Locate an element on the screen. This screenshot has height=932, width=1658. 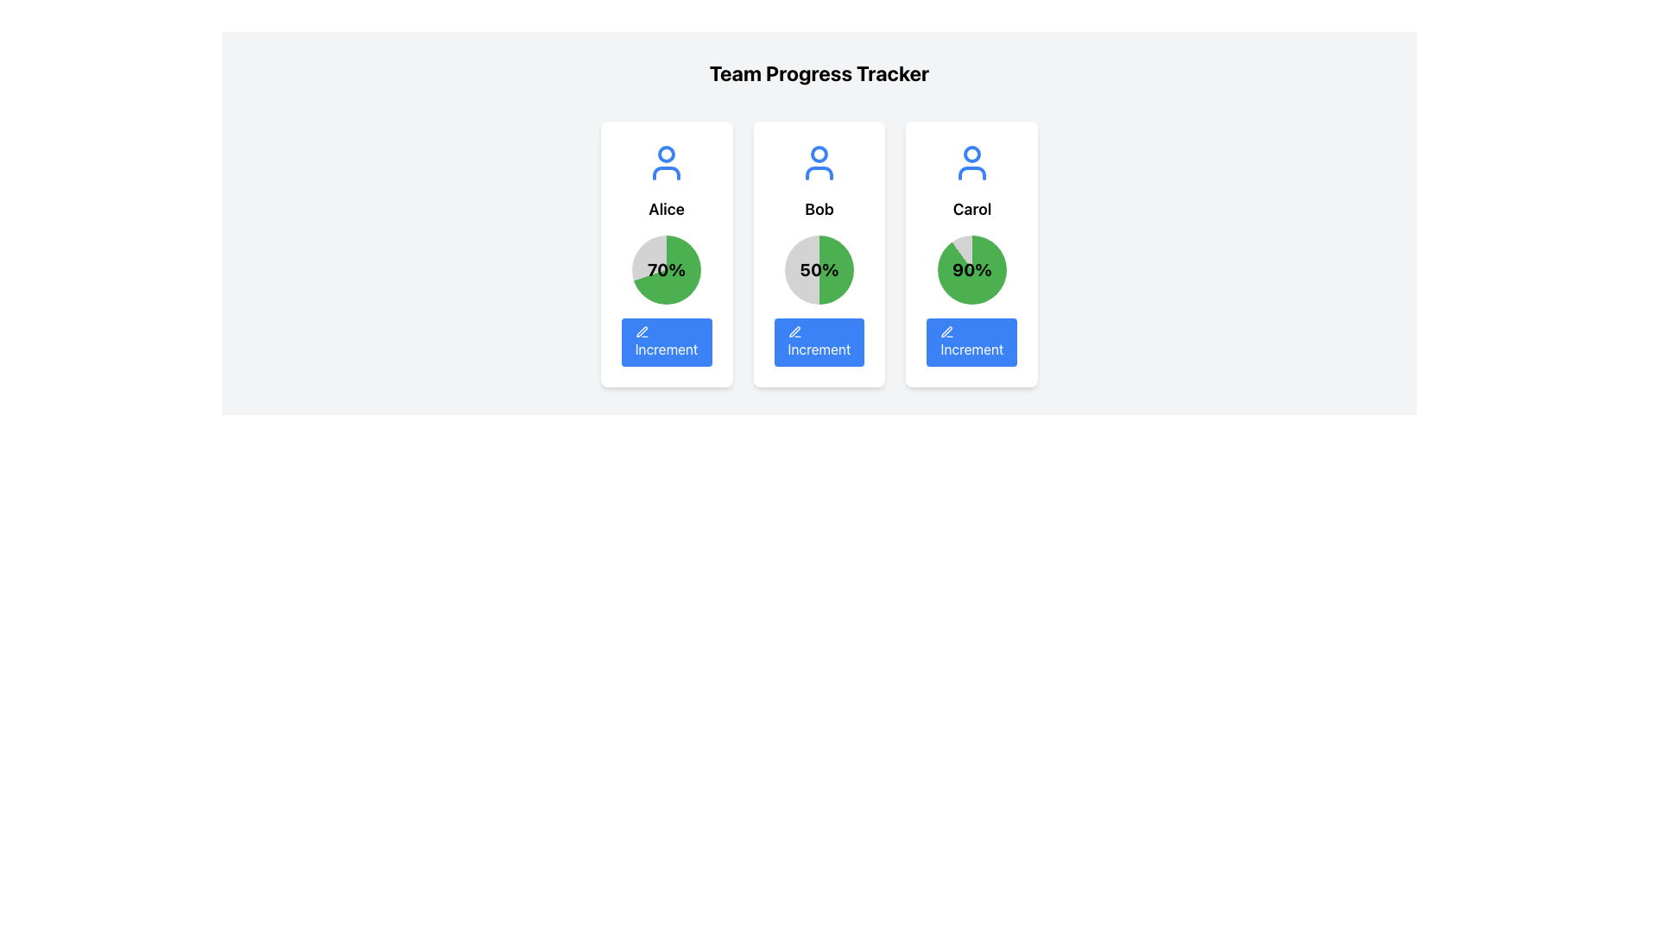
the button located at the bottom center of the 'Carol' card to interact via keyboard is located at coordinates (971, 343).